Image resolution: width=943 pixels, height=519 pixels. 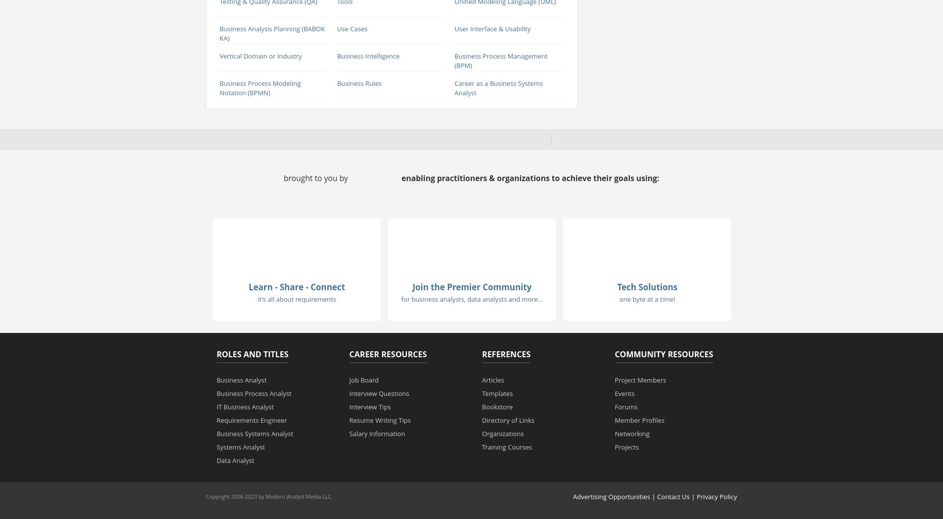 What do you see at coordinates (412, 287) in the screenshot?
I see `'Join the Premier Community'` at bounding box center [412, 287].